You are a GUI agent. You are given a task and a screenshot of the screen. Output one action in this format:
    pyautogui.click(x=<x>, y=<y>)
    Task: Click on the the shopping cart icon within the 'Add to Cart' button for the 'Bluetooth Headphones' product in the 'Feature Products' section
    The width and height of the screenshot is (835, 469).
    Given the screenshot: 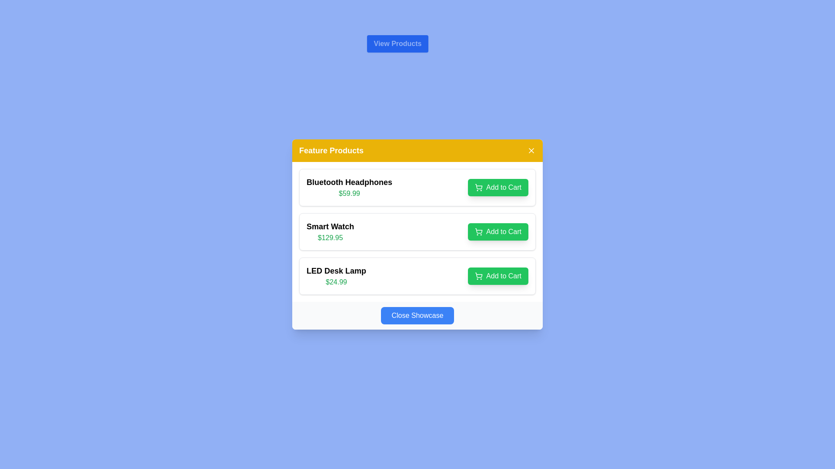 What is the action you would take?
    pyautogui.click(x=478, y=187)
    